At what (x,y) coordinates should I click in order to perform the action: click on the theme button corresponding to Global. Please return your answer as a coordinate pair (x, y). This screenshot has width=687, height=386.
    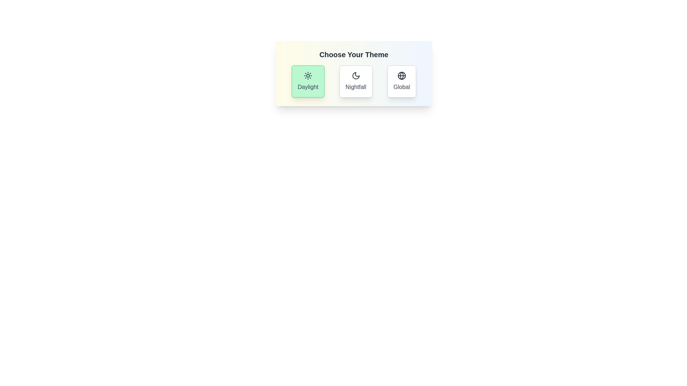
    Looking at the image, I should click on (401, 81).